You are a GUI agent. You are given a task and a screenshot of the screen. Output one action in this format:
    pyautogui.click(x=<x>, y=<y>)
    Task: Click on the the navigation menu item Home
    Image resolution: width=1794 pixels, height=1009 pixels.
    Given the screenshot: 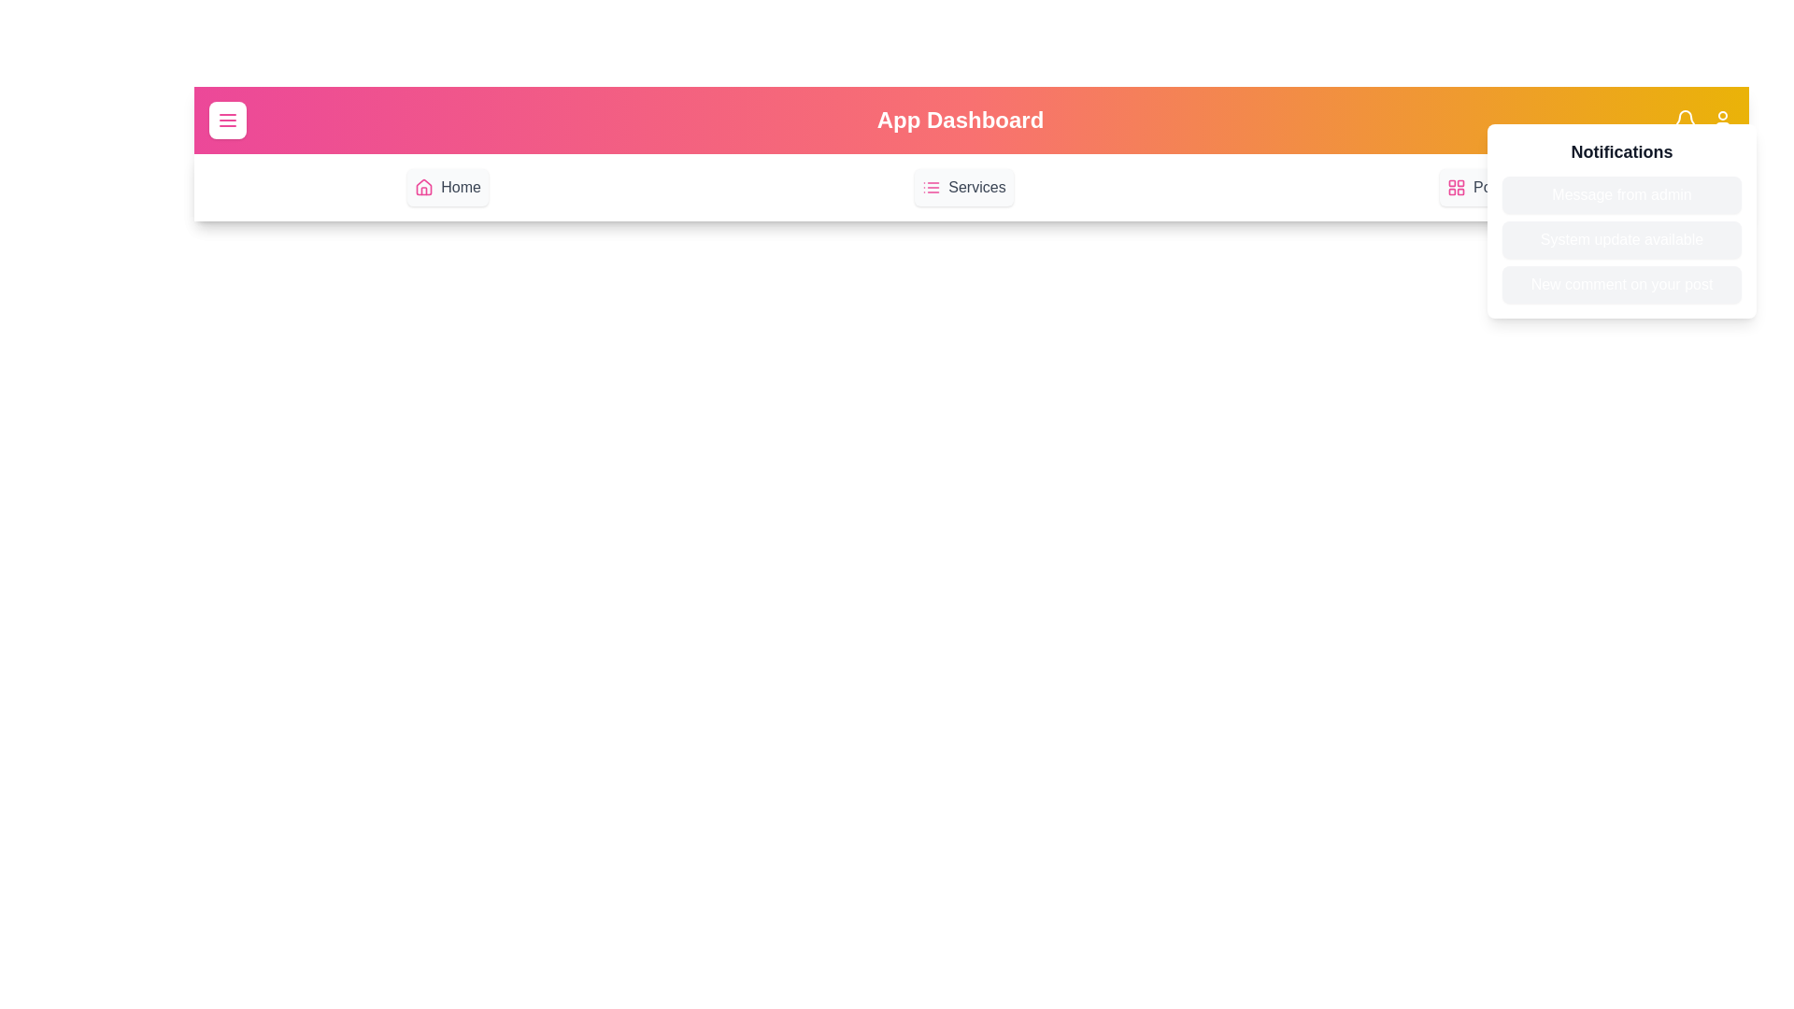 What is the action you would take?
    pyautogui.click(x=447, y=187)
    